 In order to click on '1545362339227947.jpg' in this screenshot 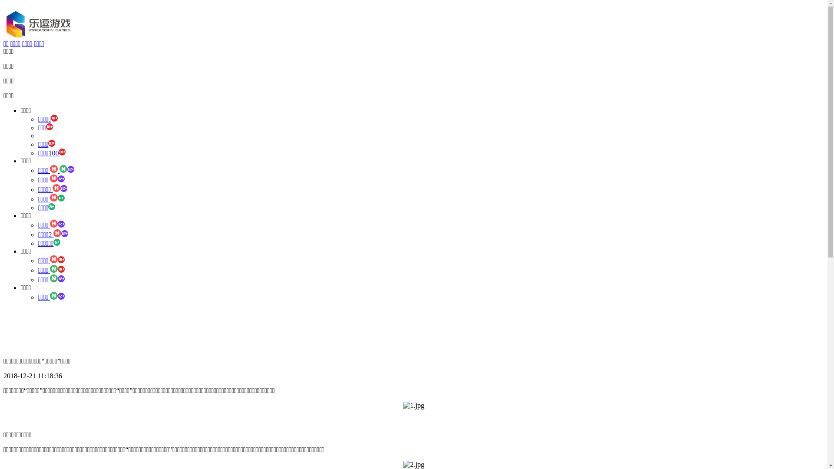, I will do `click(402, 405)`.